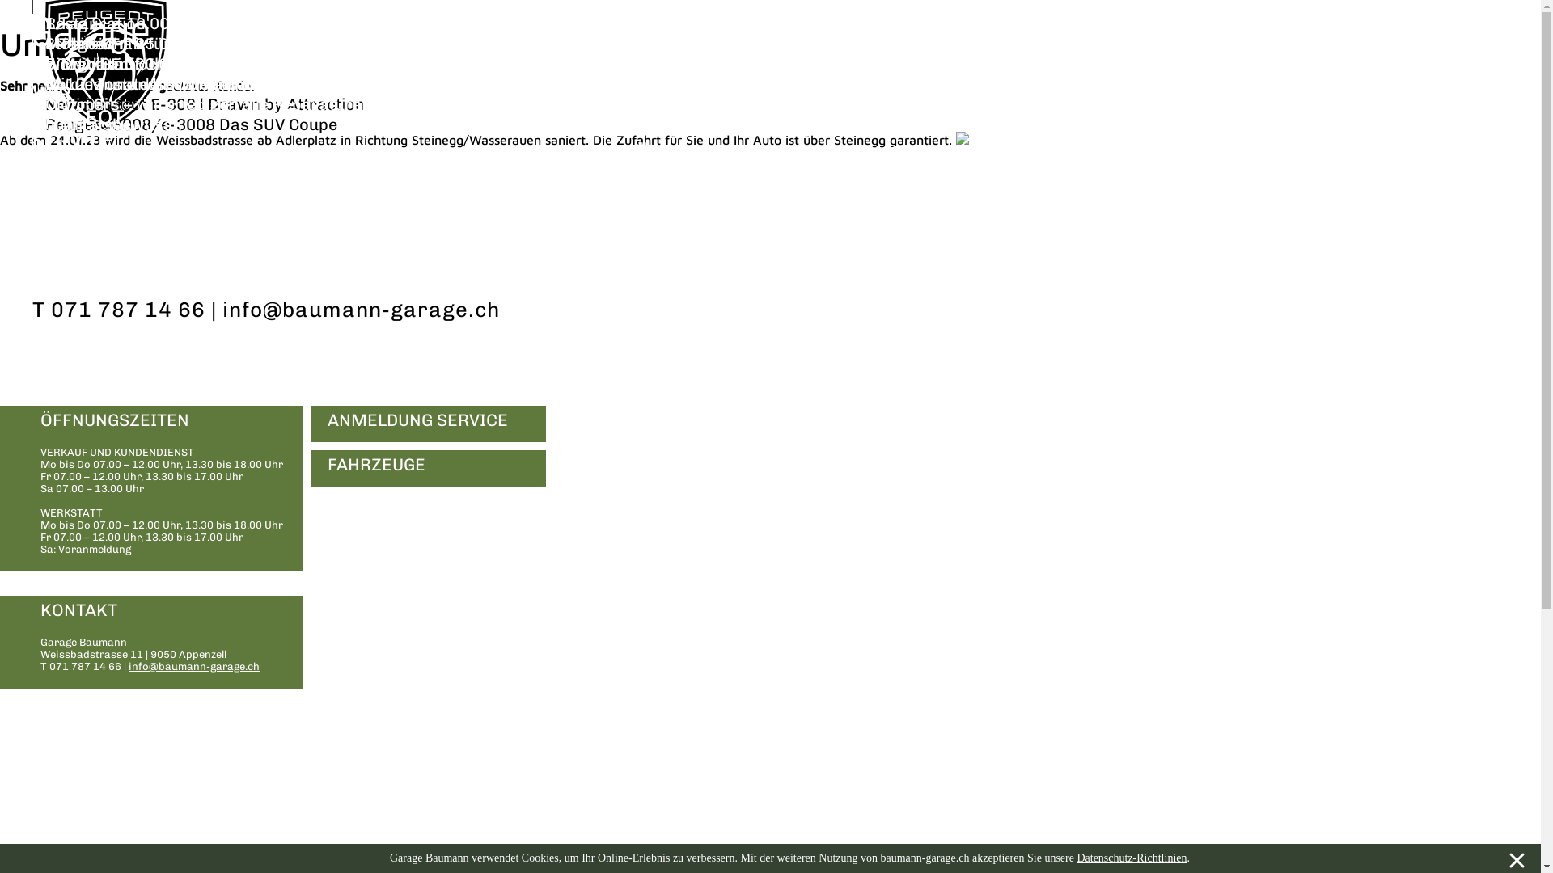 The width and height of the screenshot is (1553, 873). I want to click on 'New Peugeot E-308 l Drawn by Attraction', so click(204, 103).